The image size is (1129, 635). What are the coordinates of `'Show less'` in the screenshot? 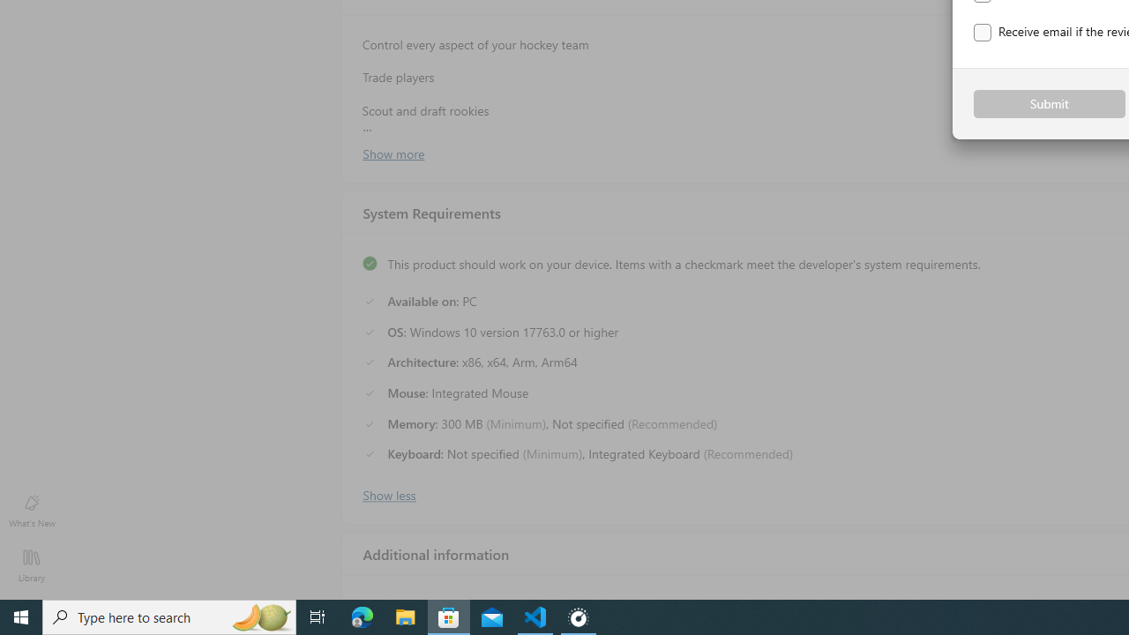 It's located at (387, 493).